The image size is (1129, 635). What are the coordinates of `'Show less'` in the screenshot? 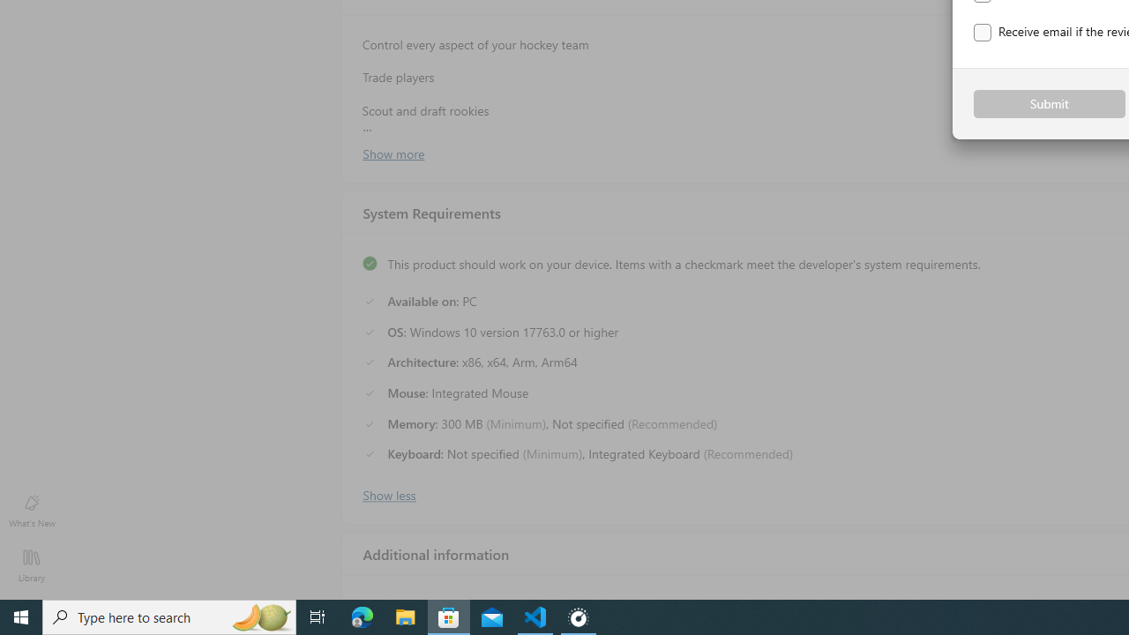 It's located at (387, 493).